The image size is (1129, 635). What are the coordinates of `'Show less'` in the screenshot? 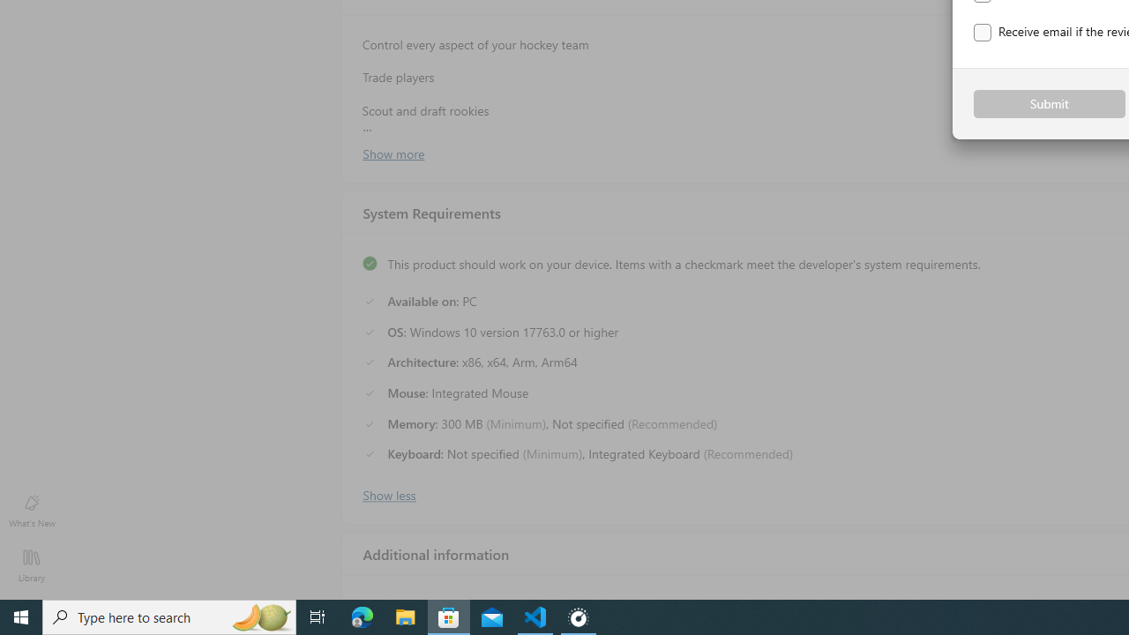 It's located at (387, 493).